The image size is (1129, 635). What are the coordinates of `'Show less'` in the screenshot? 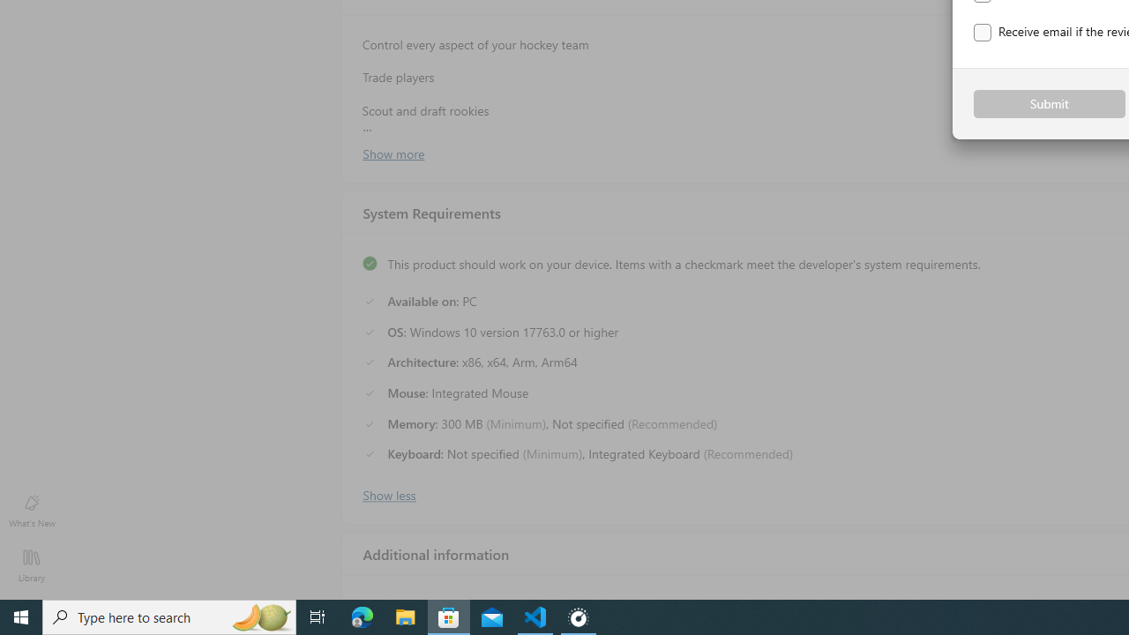 It's located at (387, 493).